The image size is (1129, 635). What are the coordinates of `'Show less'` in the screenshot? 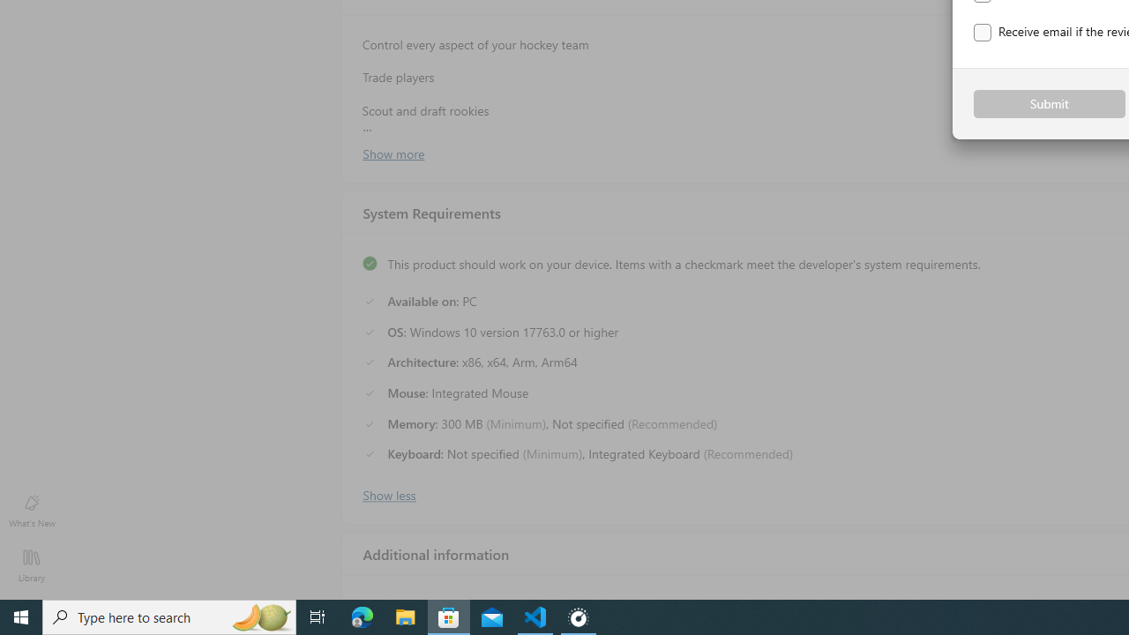 It's located at (387, 493).